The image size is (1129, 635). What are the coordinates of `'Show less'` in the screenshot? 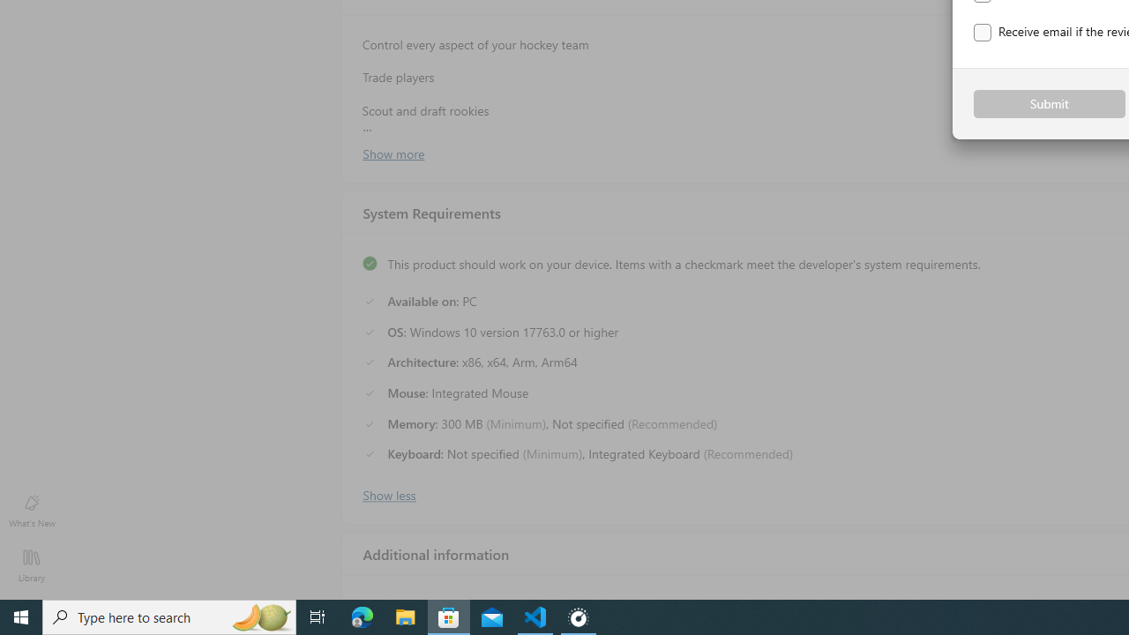 It's located at (387, 493).